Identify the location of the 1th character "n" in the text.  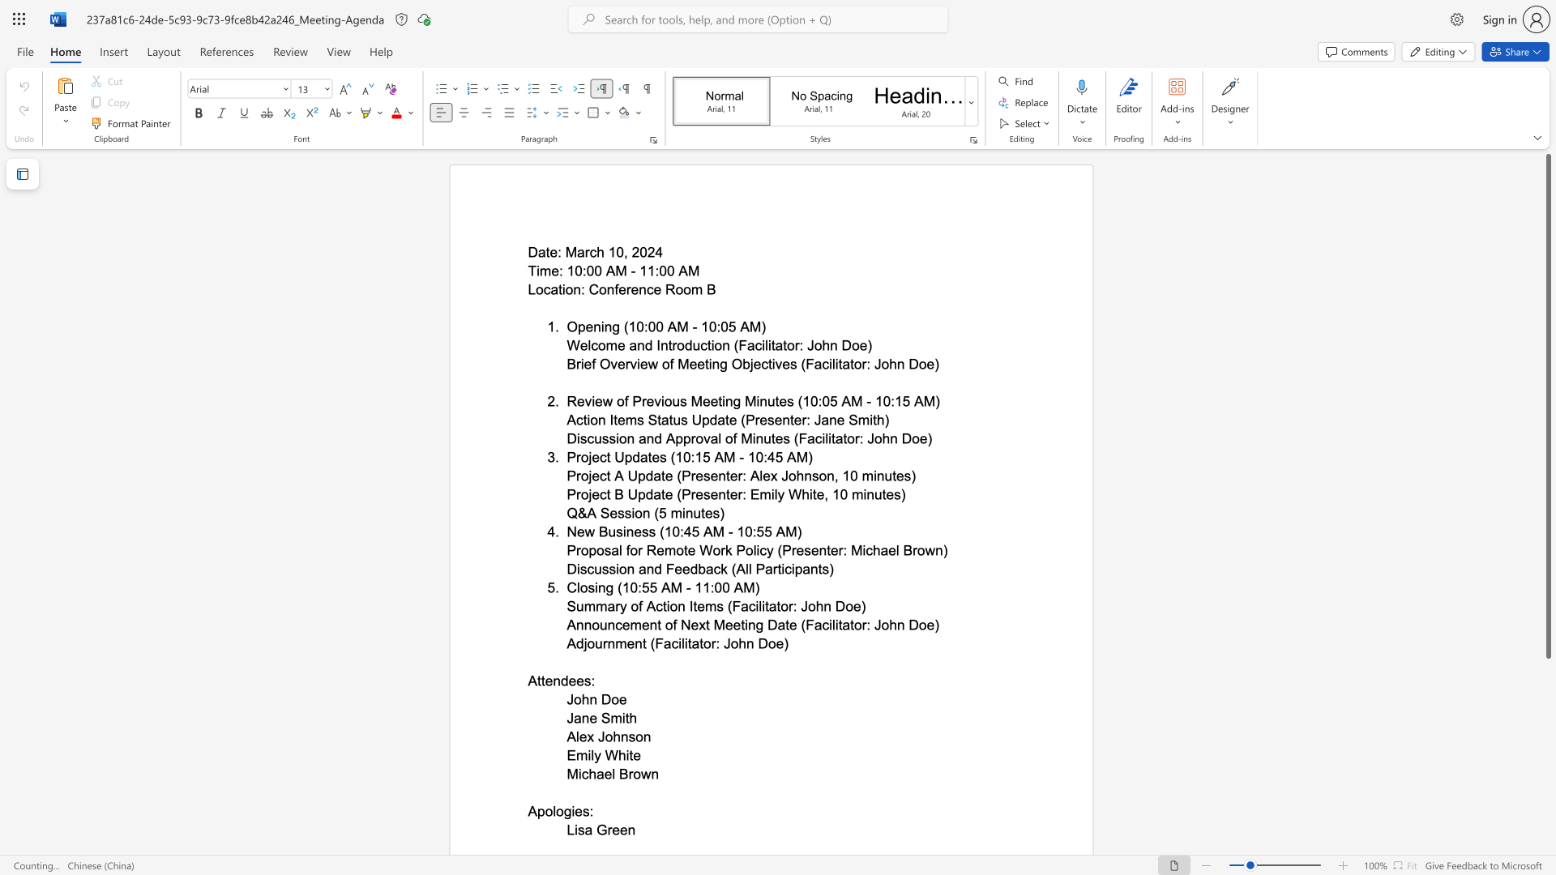
(655, 773).